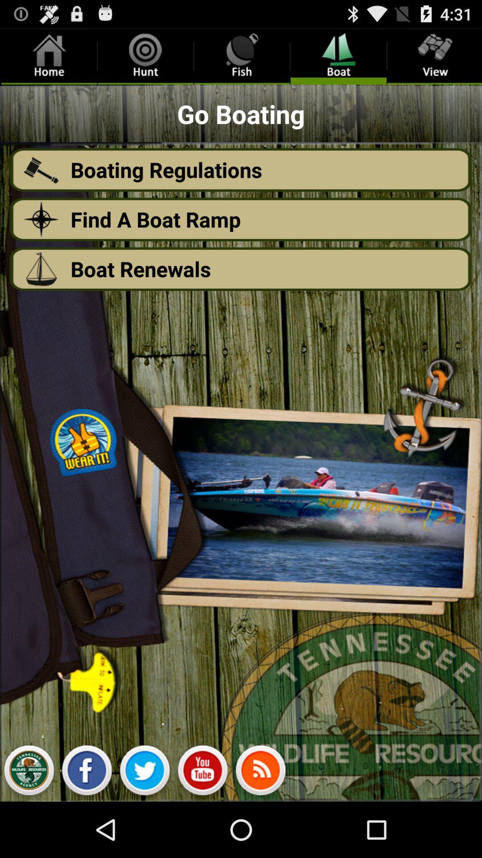 This screenshot has height=858, width=482. I want to click on open youtube channel, so click(203, 772).